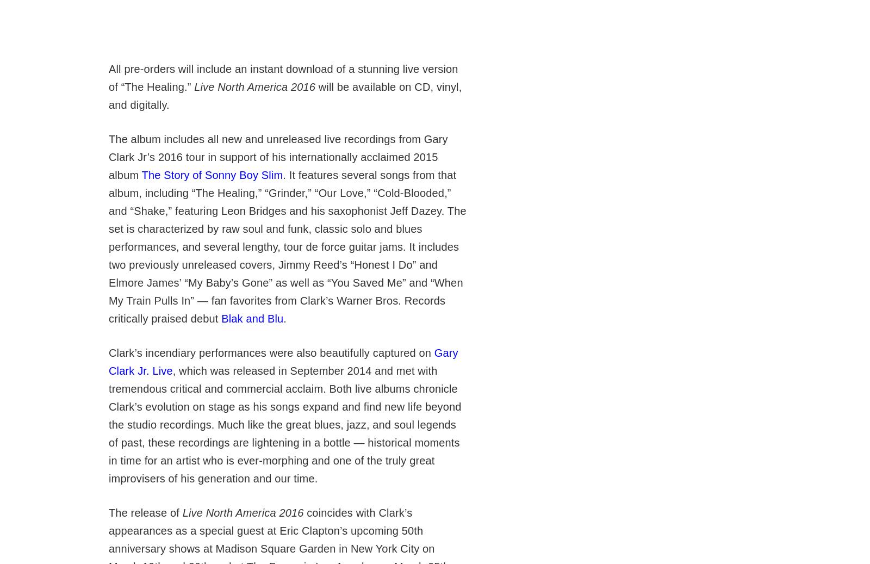  What do you see at coordinates (212, 174) in the screenshot?
I see `'The Story of Sonny Boy Slim'` at bounding box center [212, 174].